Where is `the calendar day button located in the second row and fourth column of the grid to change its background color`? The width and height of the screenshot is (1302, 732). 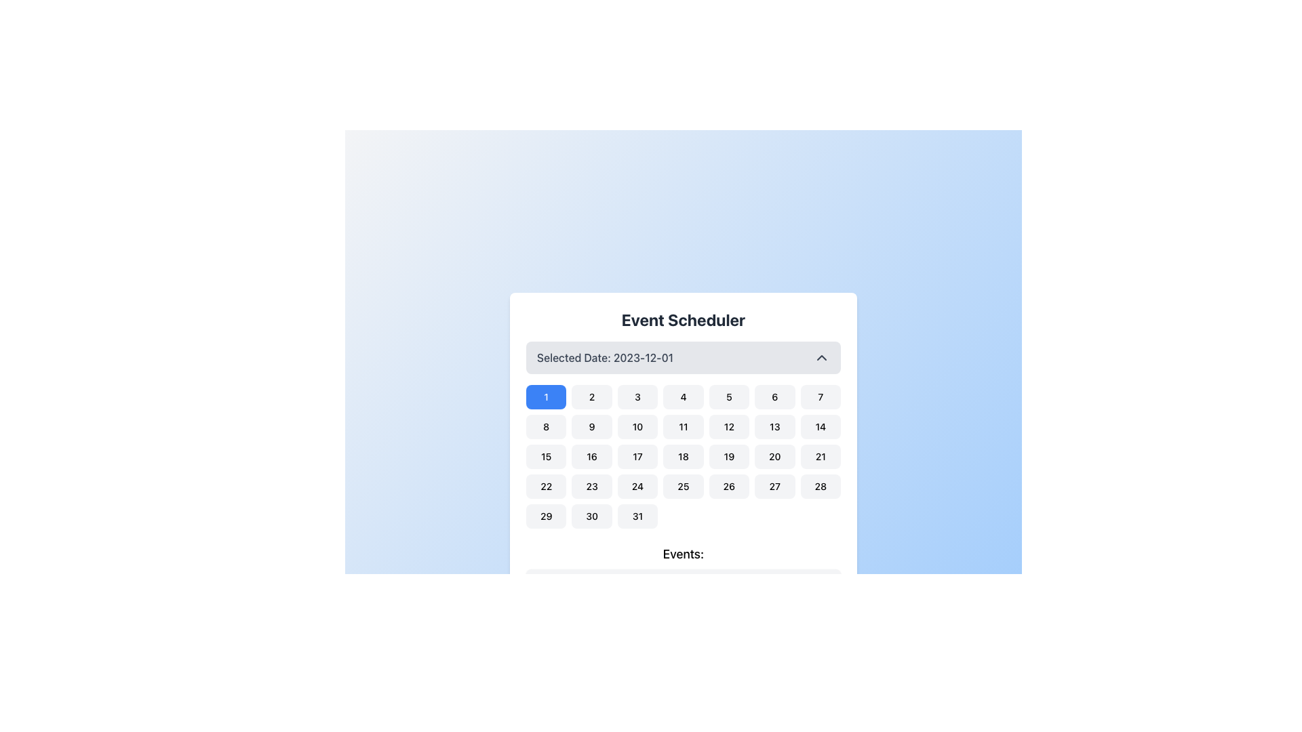
the calendar day button located in the second row and fourth column of the grid to change its background color is located at coordinates (684, 426).